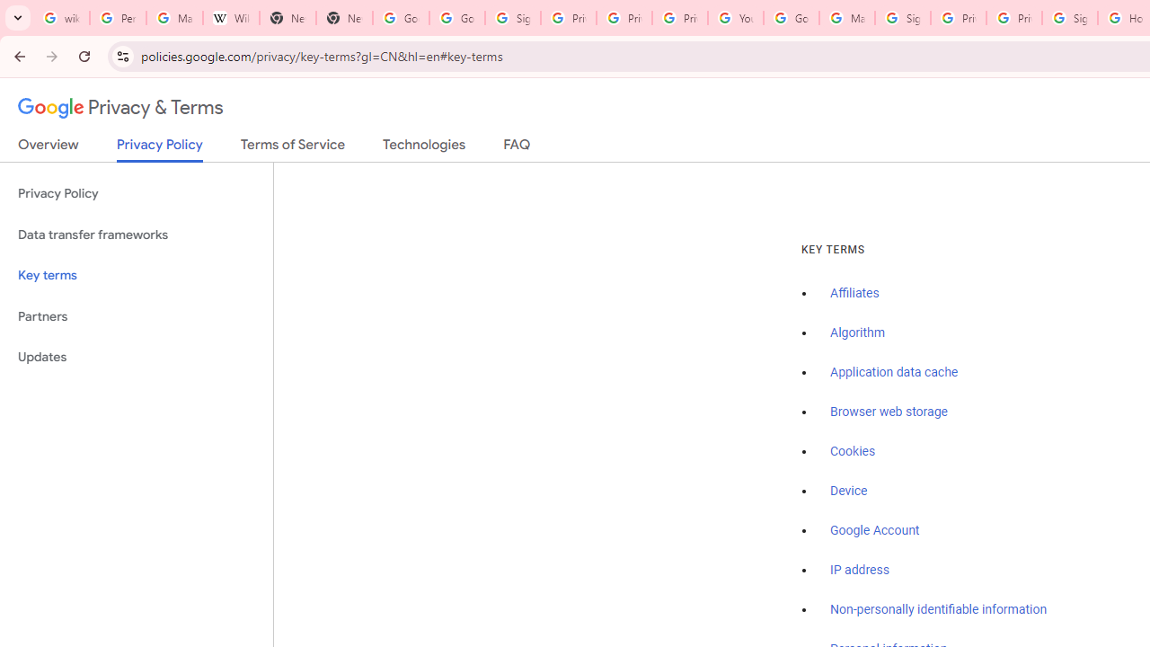 This screenshot has height=647, width=1150. I want to click on 'Device', so click(848, 491).